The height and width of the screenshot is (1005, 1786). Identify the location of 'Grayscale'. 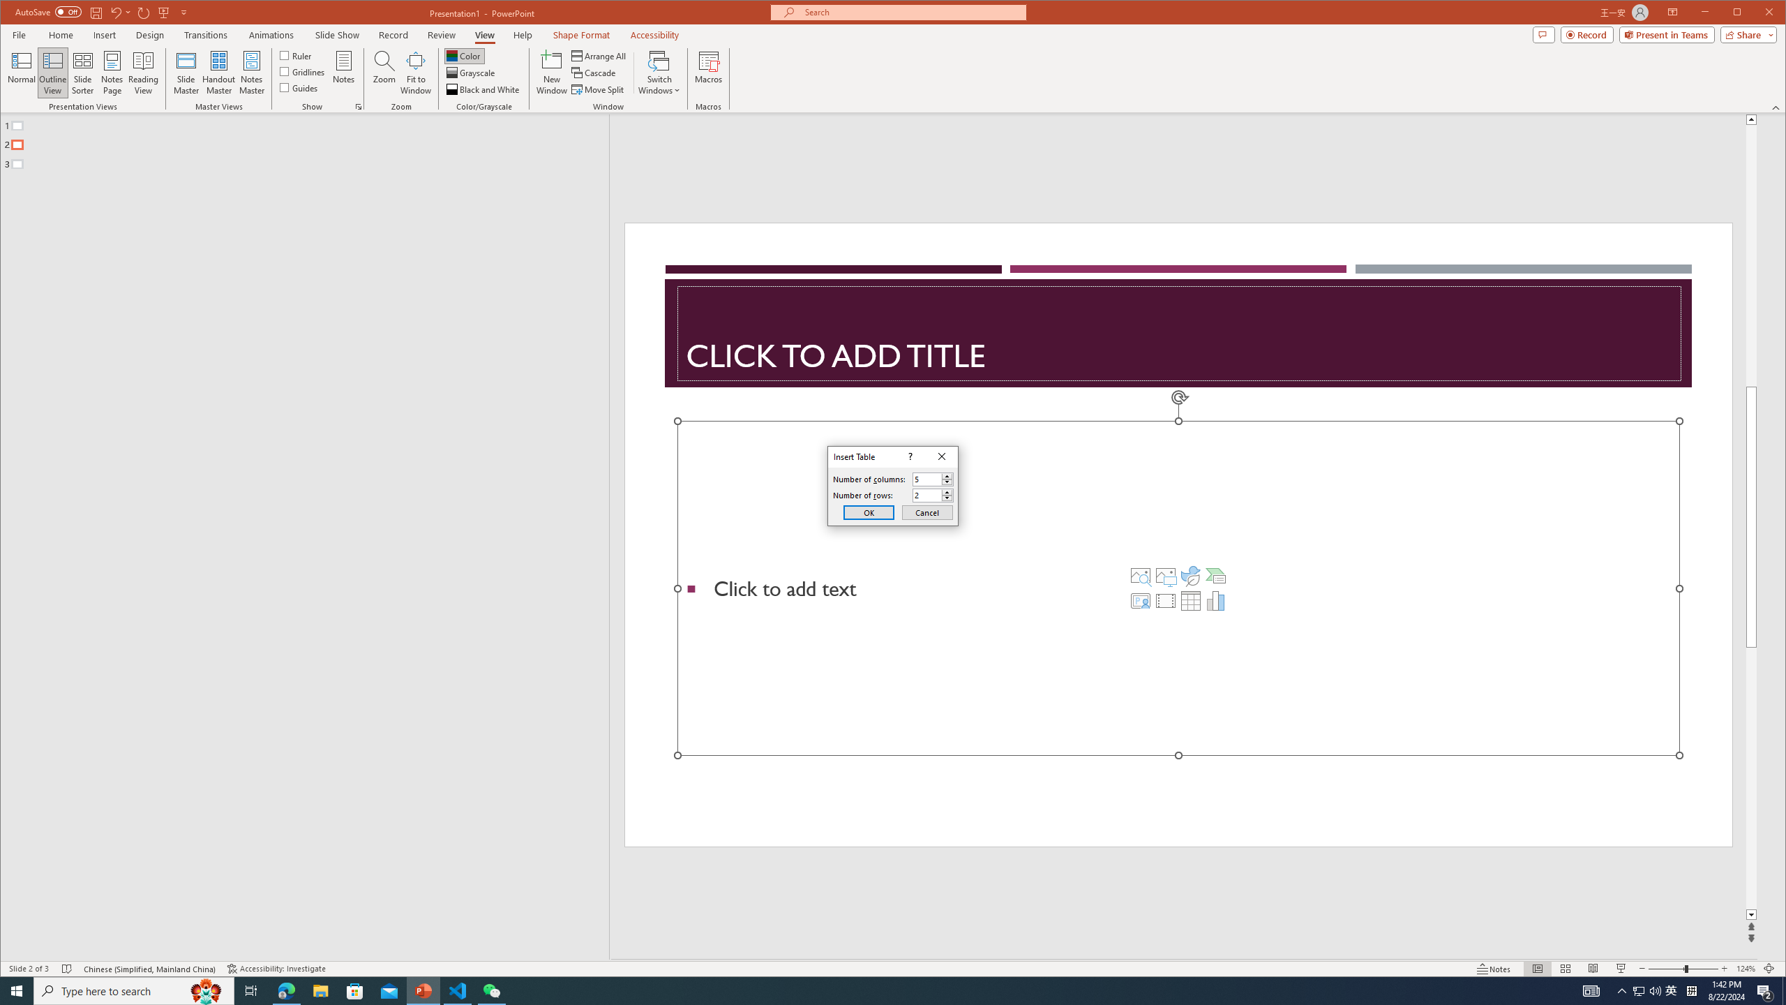
(472, 73).